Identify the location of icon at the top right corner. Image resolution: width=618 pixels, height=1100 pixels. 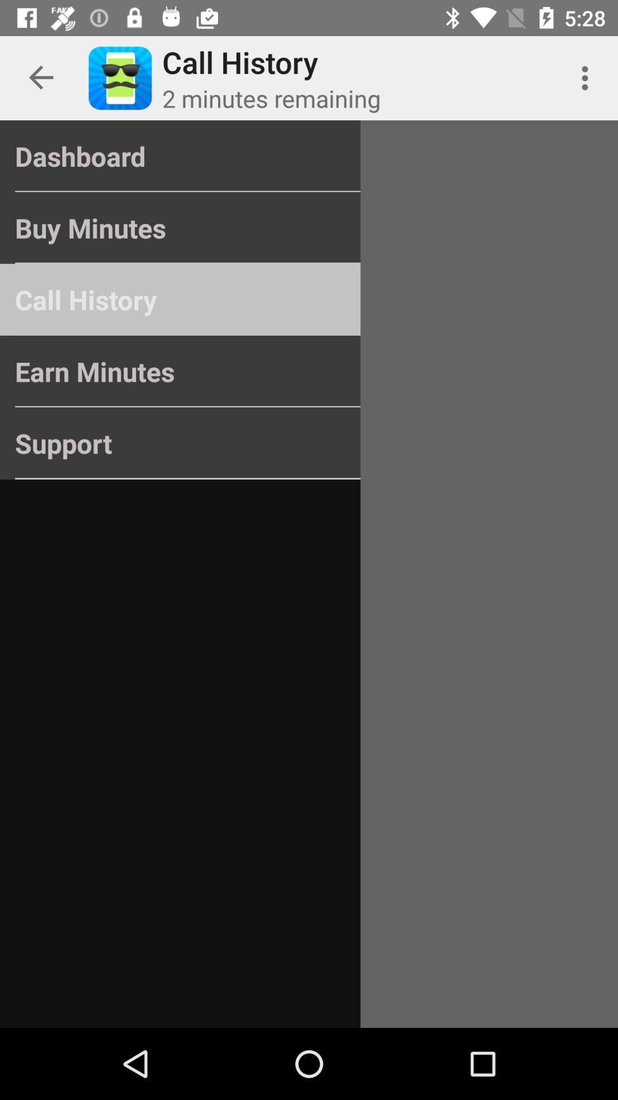
(588, 77).